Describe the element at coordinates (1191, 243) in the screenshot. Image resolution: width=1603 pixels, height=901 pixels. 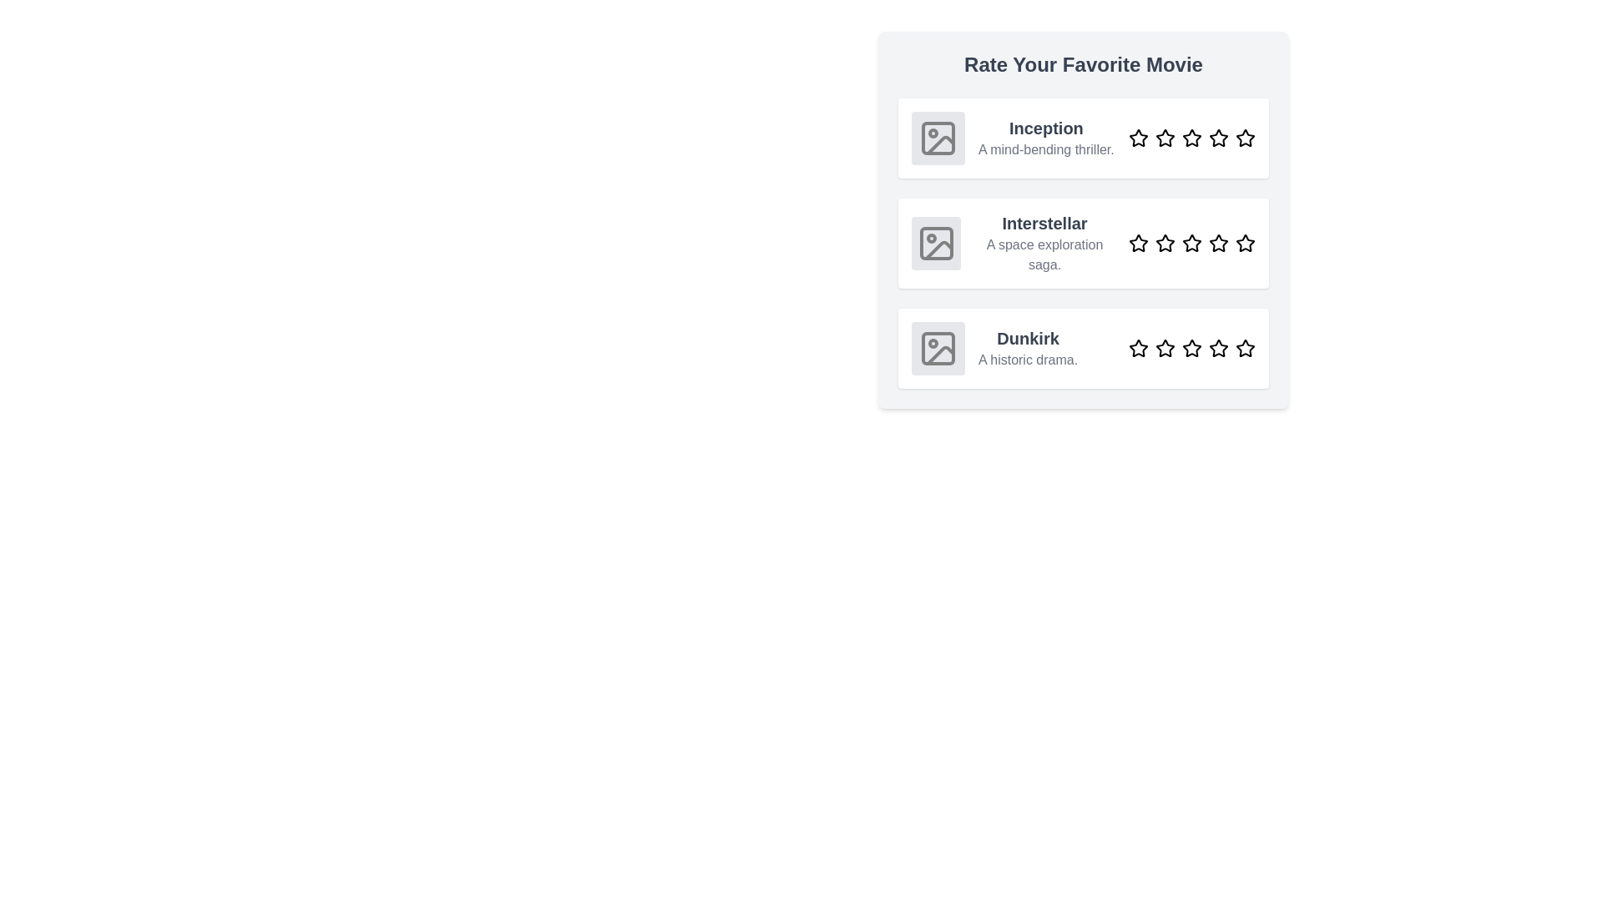
I see `the third star icon in the rating section of the 'Interstellar' movie review` at that location.